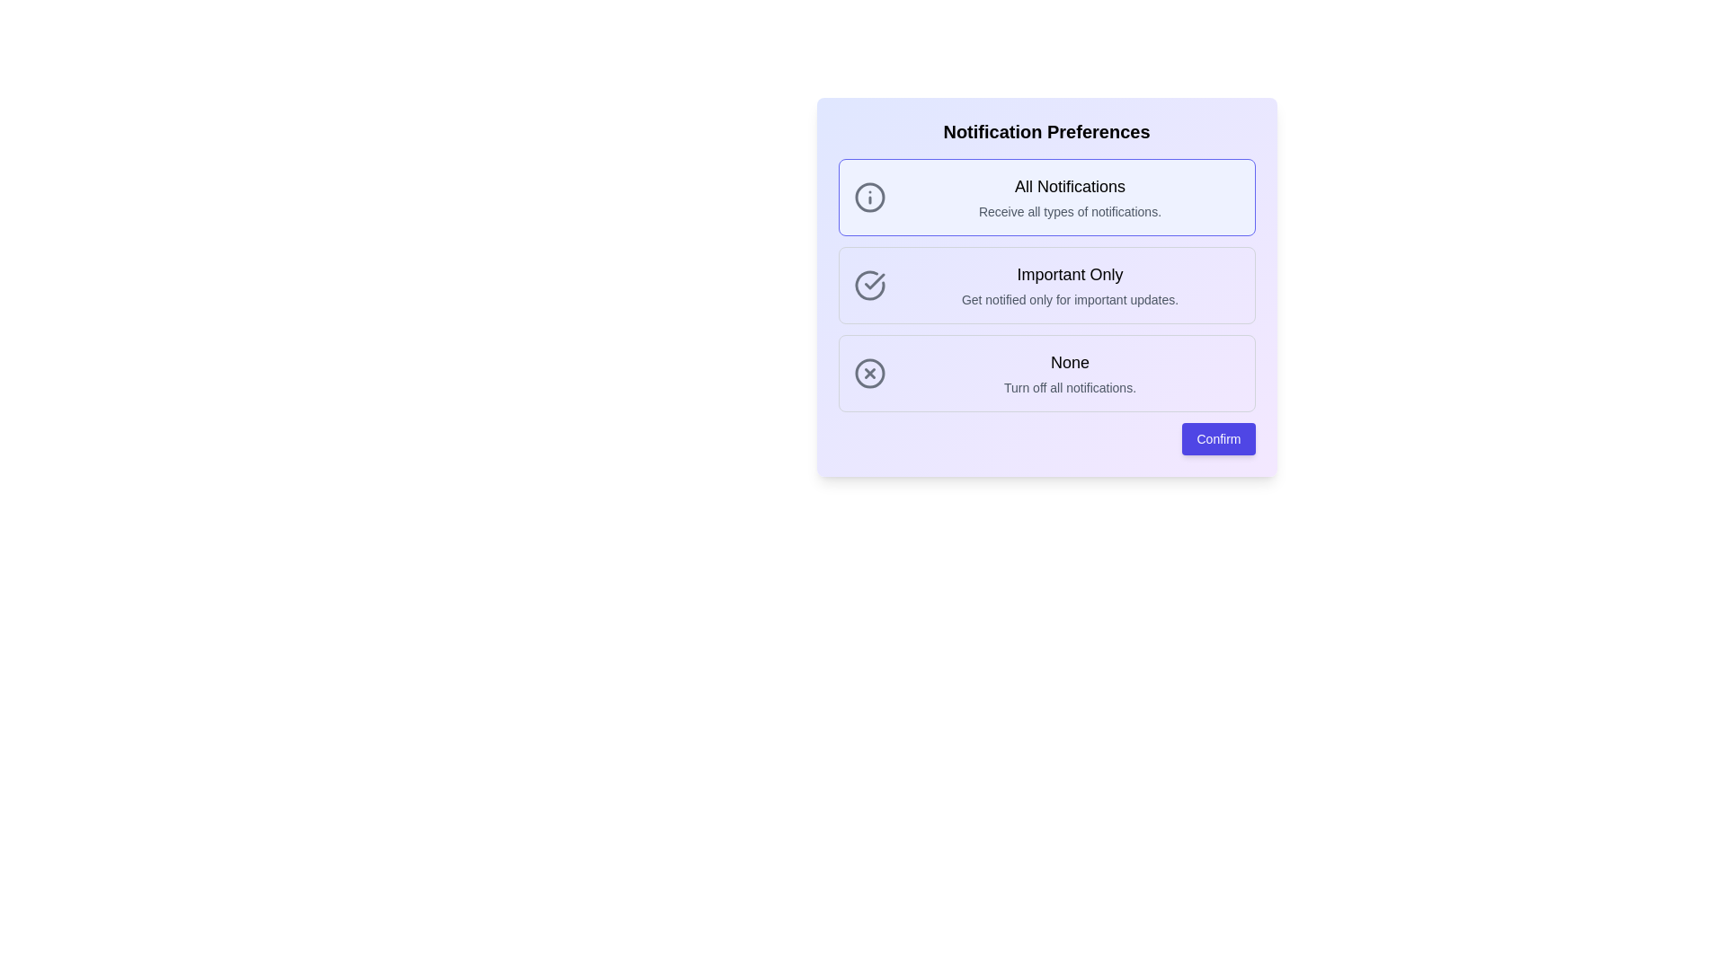 The height and width of the screenshot is (970, 1726). I want to click on descriptive text of the radio option for turning off all notifications, located below the 'Important Only' and 'All Notifications' options in the notification settings menu, so click(1046, 373).